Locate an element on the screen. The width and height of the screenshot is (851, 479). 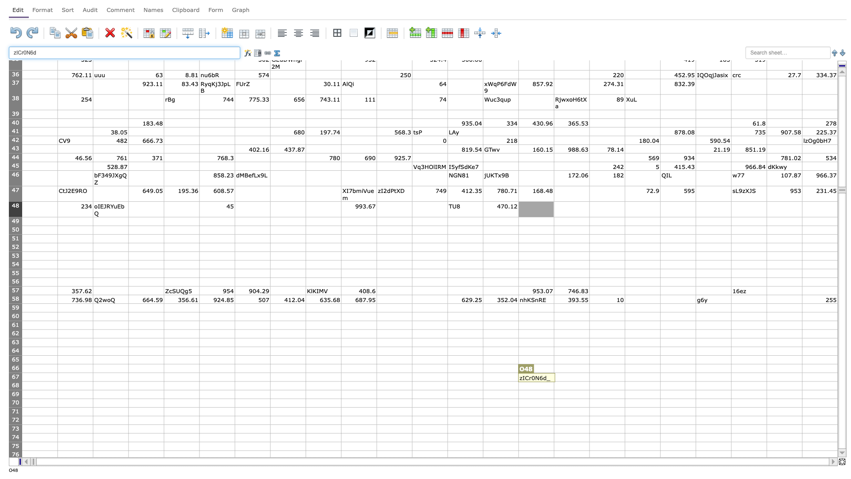
bottom right corner of P68 is located at coordinates (589, 389).